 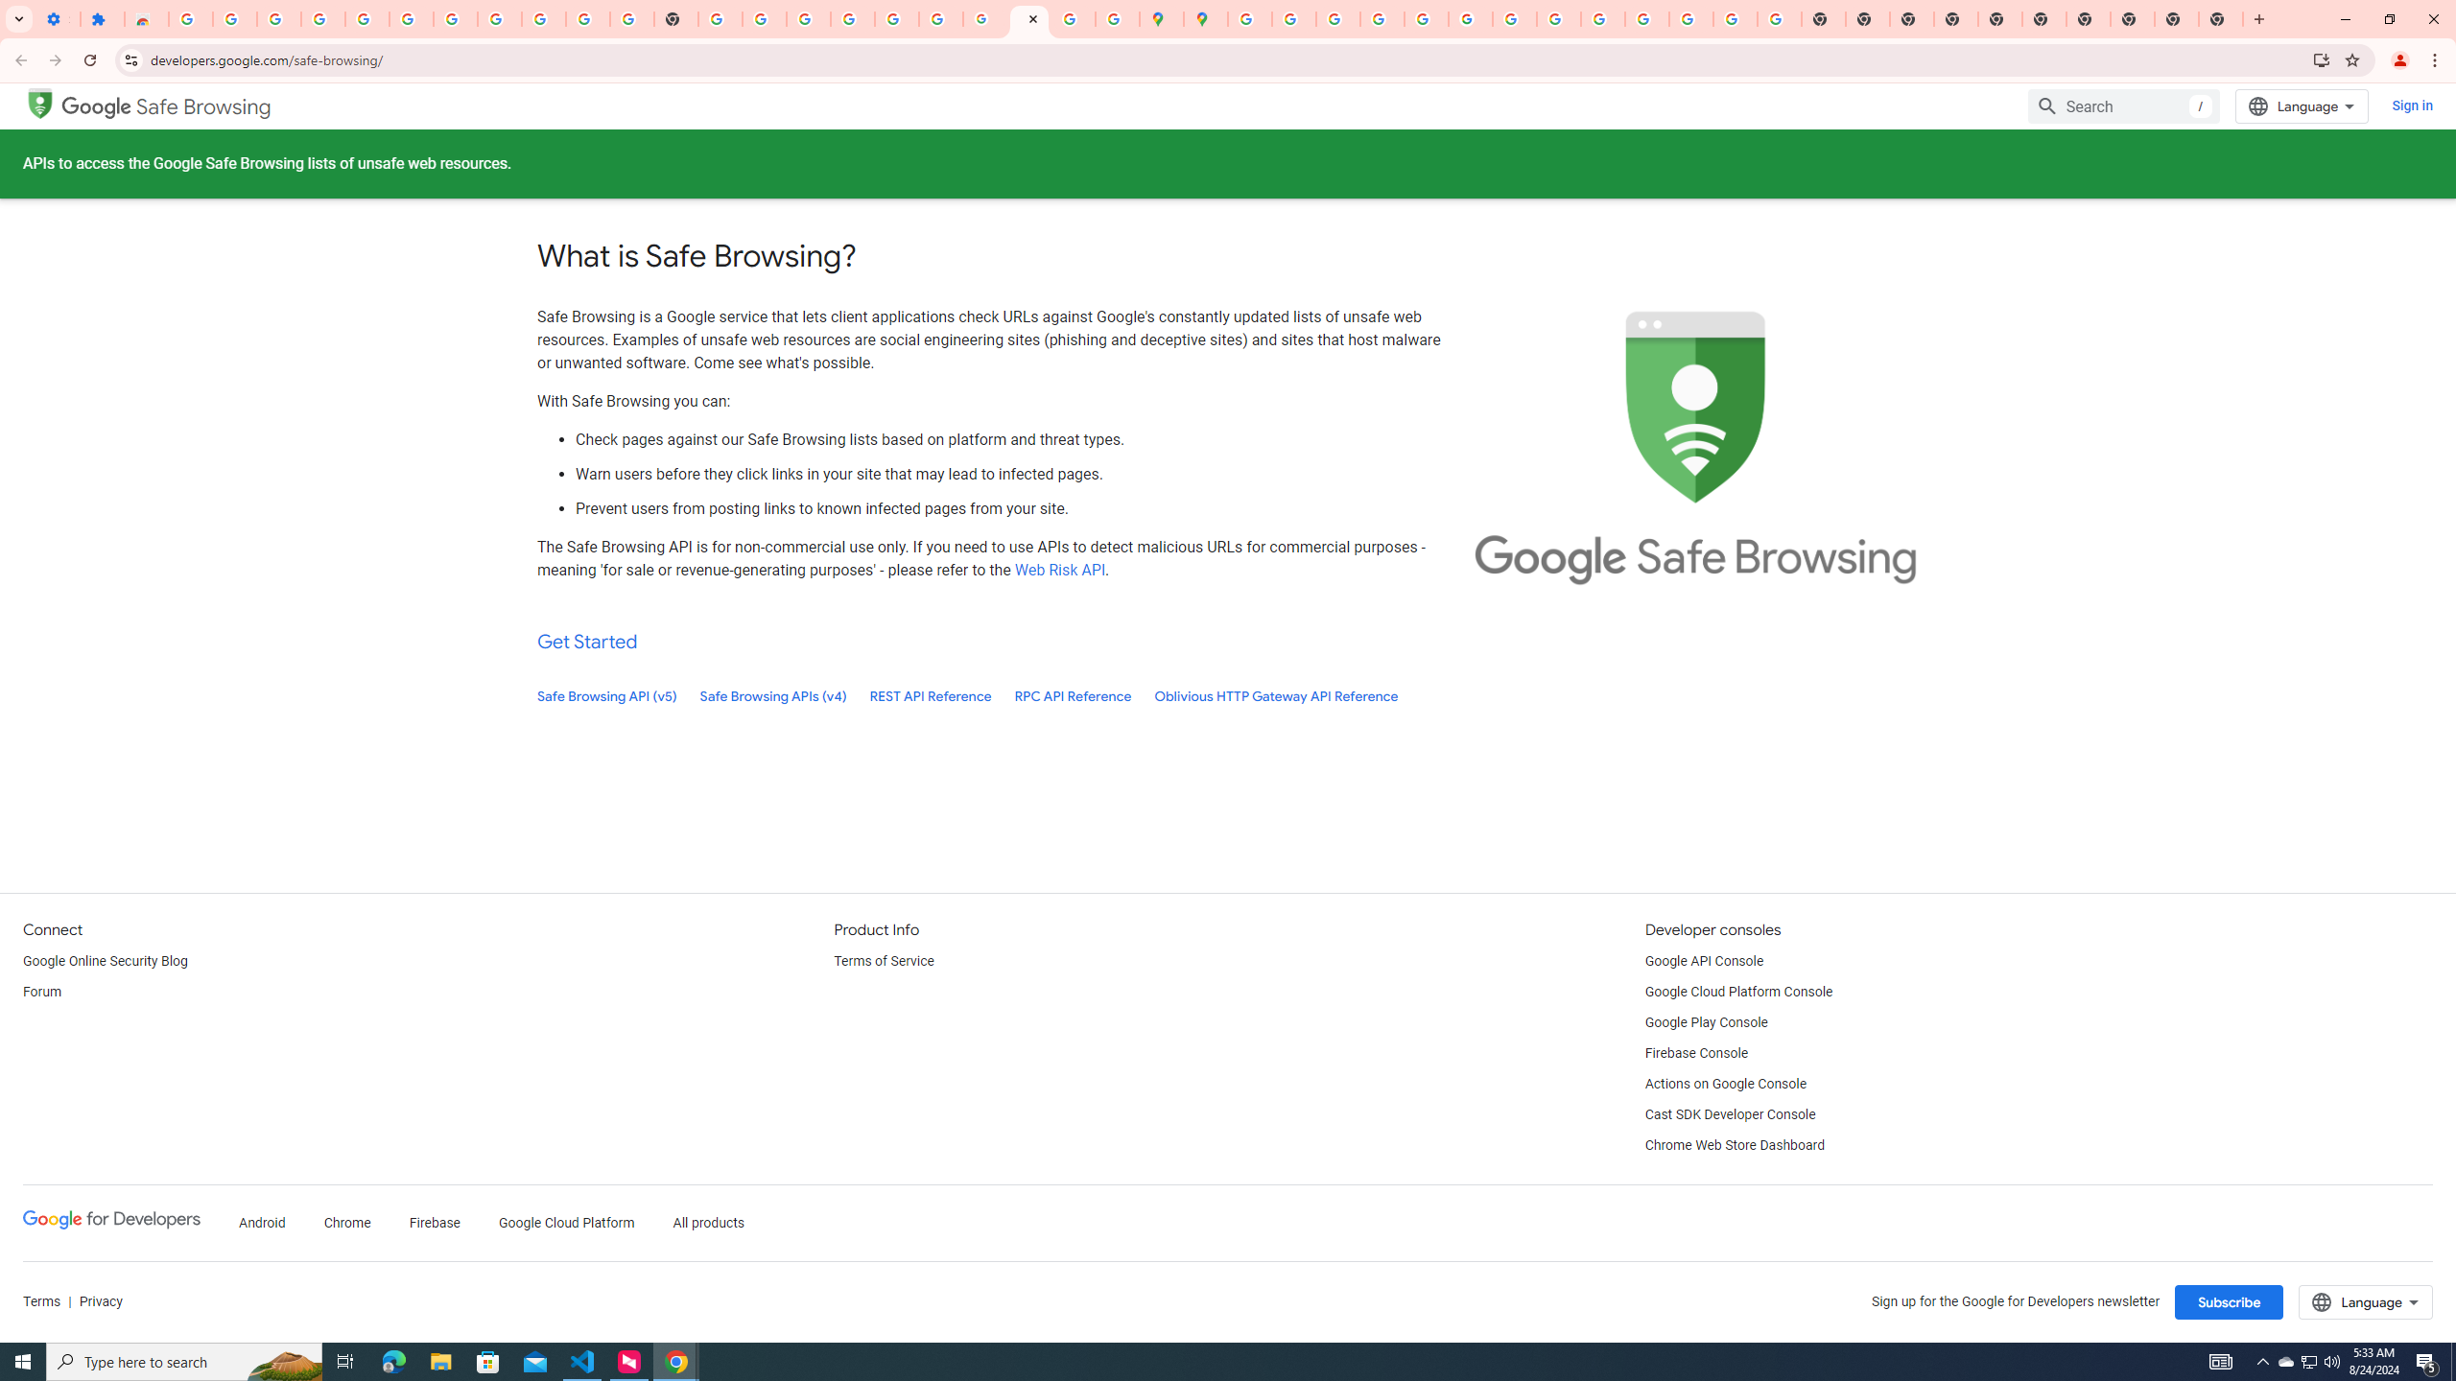 What do you see at coordinates (39, 103) in the screenshot?
I see `'Google Safe Browsing'` at bounding box center [39, 103].